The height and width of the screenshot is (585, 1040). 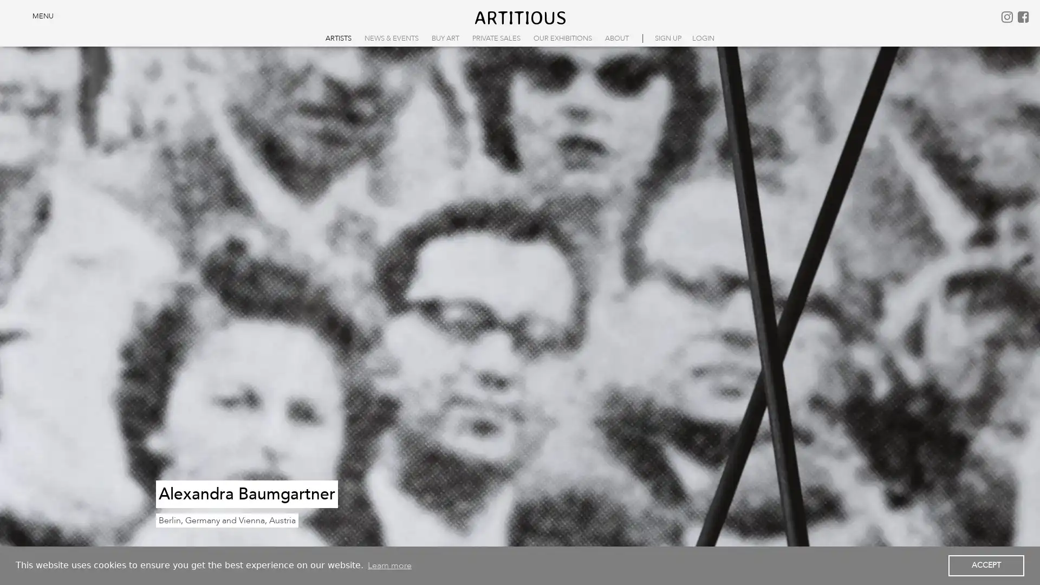 What do you see at coordinates (986, 565) in the screenshot?
I see `dismiss cookie message` at bounding box center [986, 565].